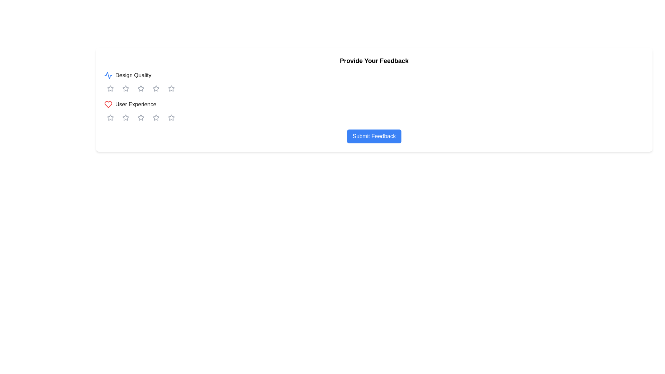 The height and width of the screenshot is (374, 665). I want to click on the first rating star, so click(110, 117).